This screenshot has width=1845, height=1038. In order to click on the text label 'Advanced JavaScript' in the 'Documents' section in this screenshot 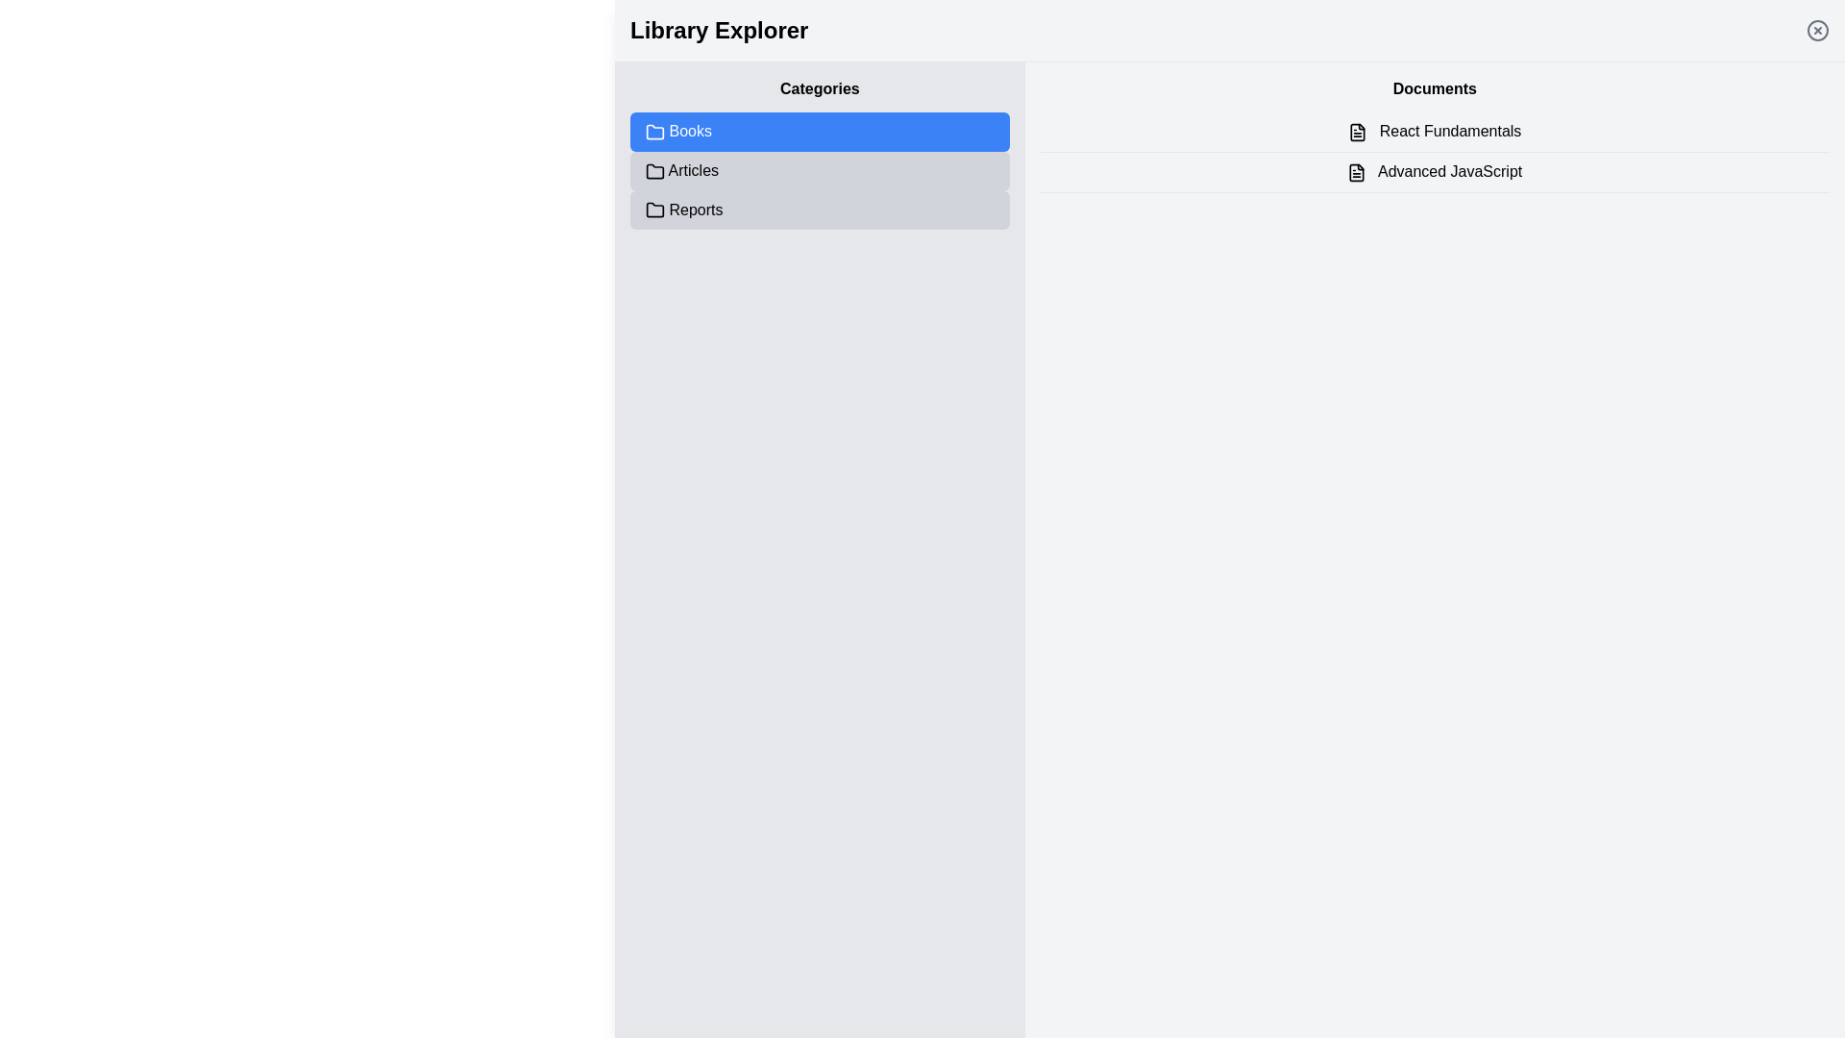, I will do `click(1435, 171)`.